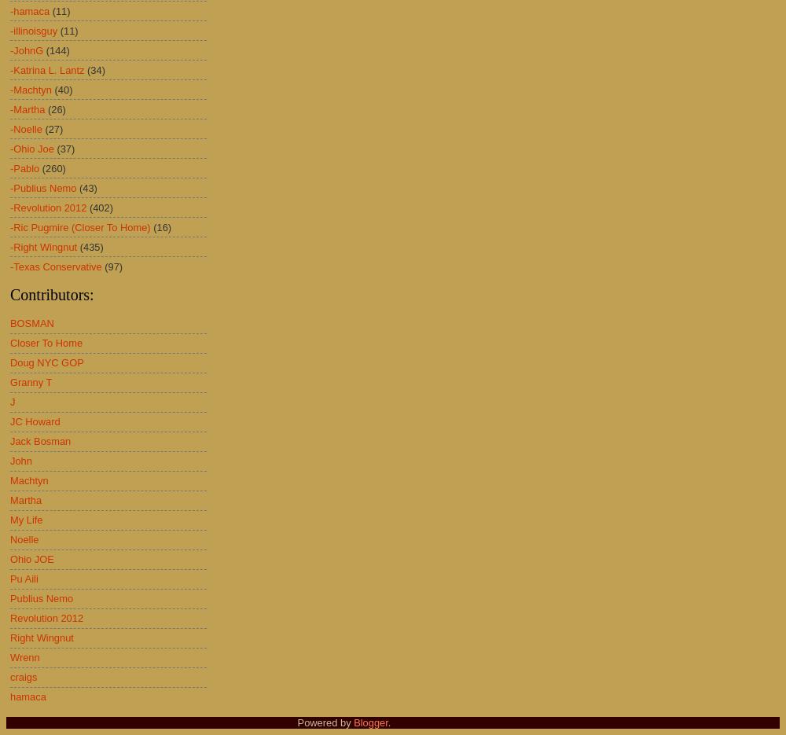  Describe the element at coordinates (79, 187) in the screenshot. I see `'(43)'` at that location.